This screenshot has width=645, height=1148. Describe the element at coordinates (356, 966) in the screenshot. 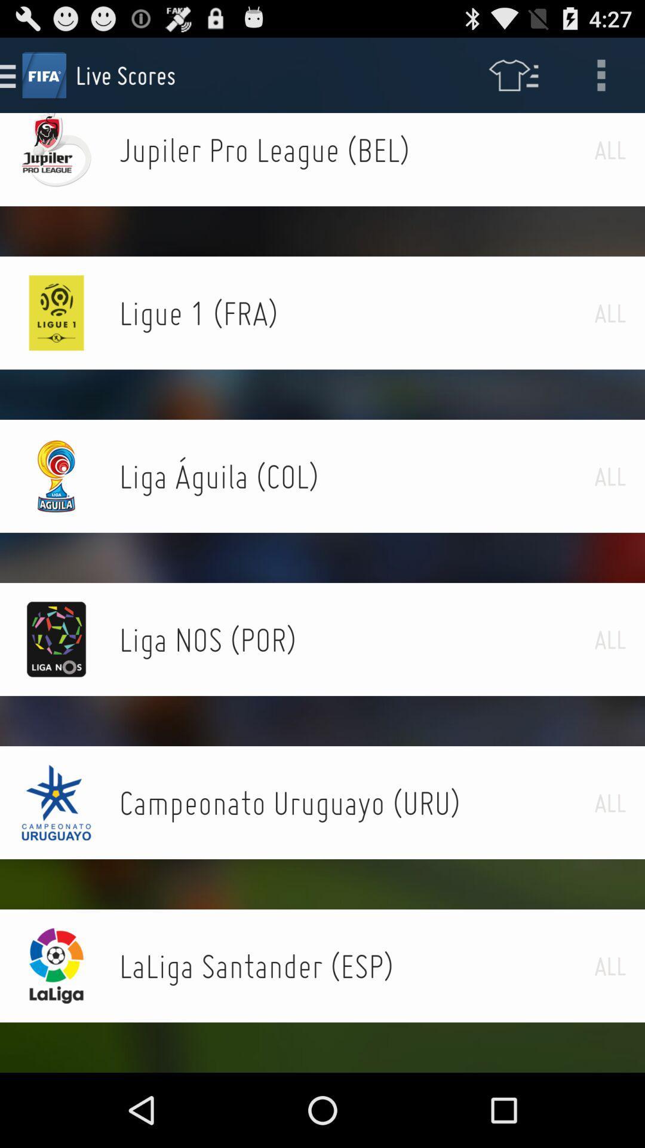

I see `the icon to the left of all icon` at that location.